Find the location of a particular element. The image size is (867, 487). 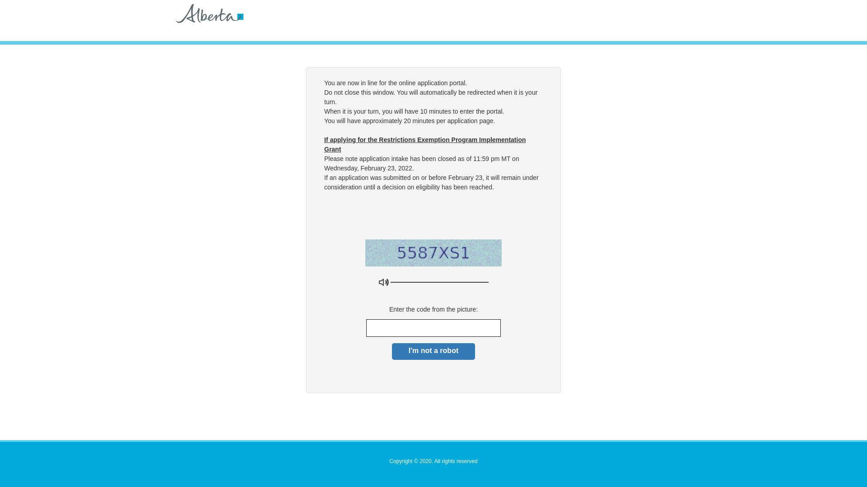

'I'm not a robot' is located at coordinates (433, 351).